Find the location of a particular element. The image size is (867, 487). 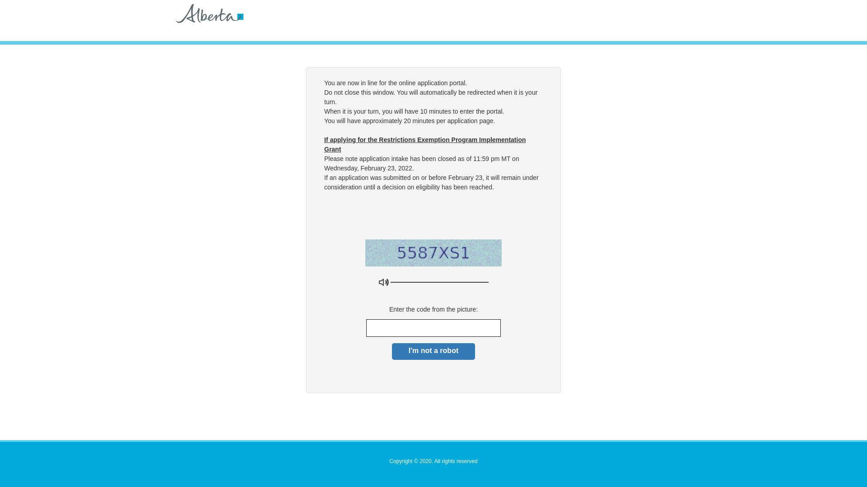

'I'm not a robot' is located at coordinates (433, 351).